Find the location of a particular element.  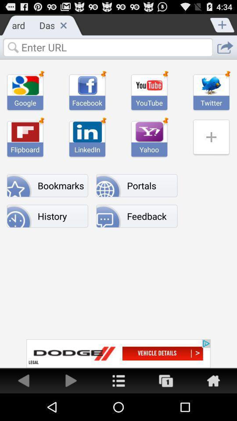

web browser home is located at coordinates (213, 380).